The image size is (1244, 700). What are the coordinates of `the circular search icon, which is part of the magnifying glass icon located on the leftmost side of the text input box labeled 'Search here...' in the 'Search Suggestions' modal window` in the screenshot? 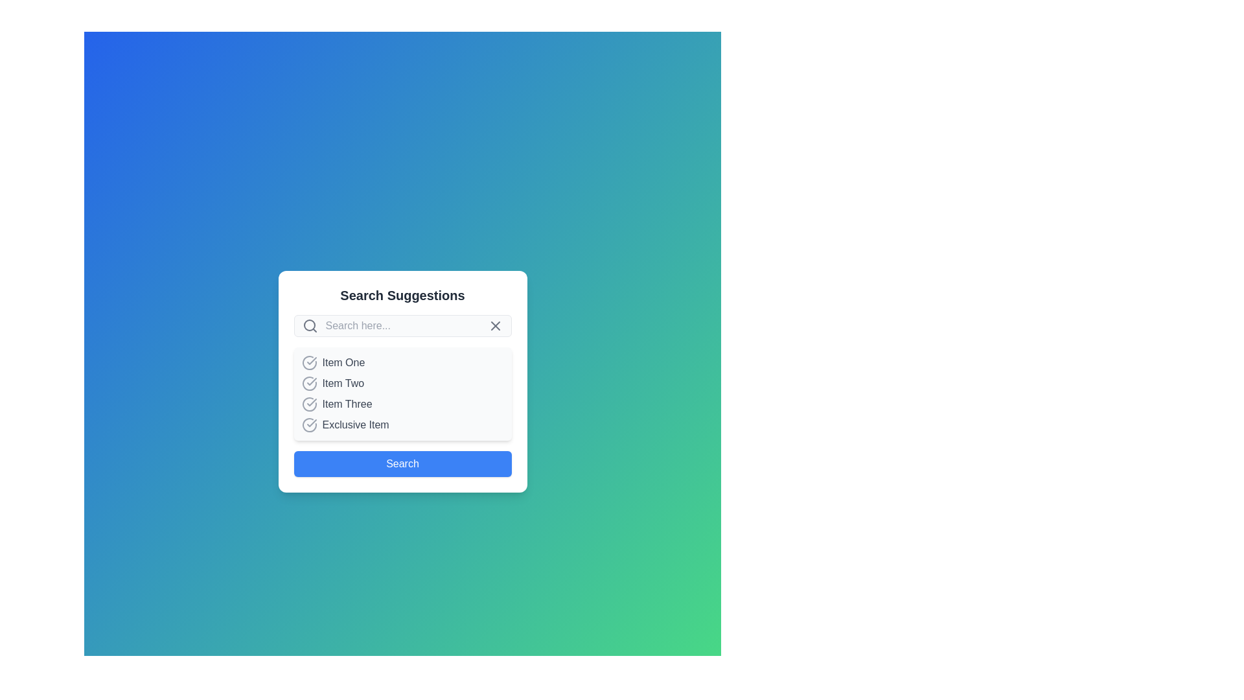 It's located at (308, 324).